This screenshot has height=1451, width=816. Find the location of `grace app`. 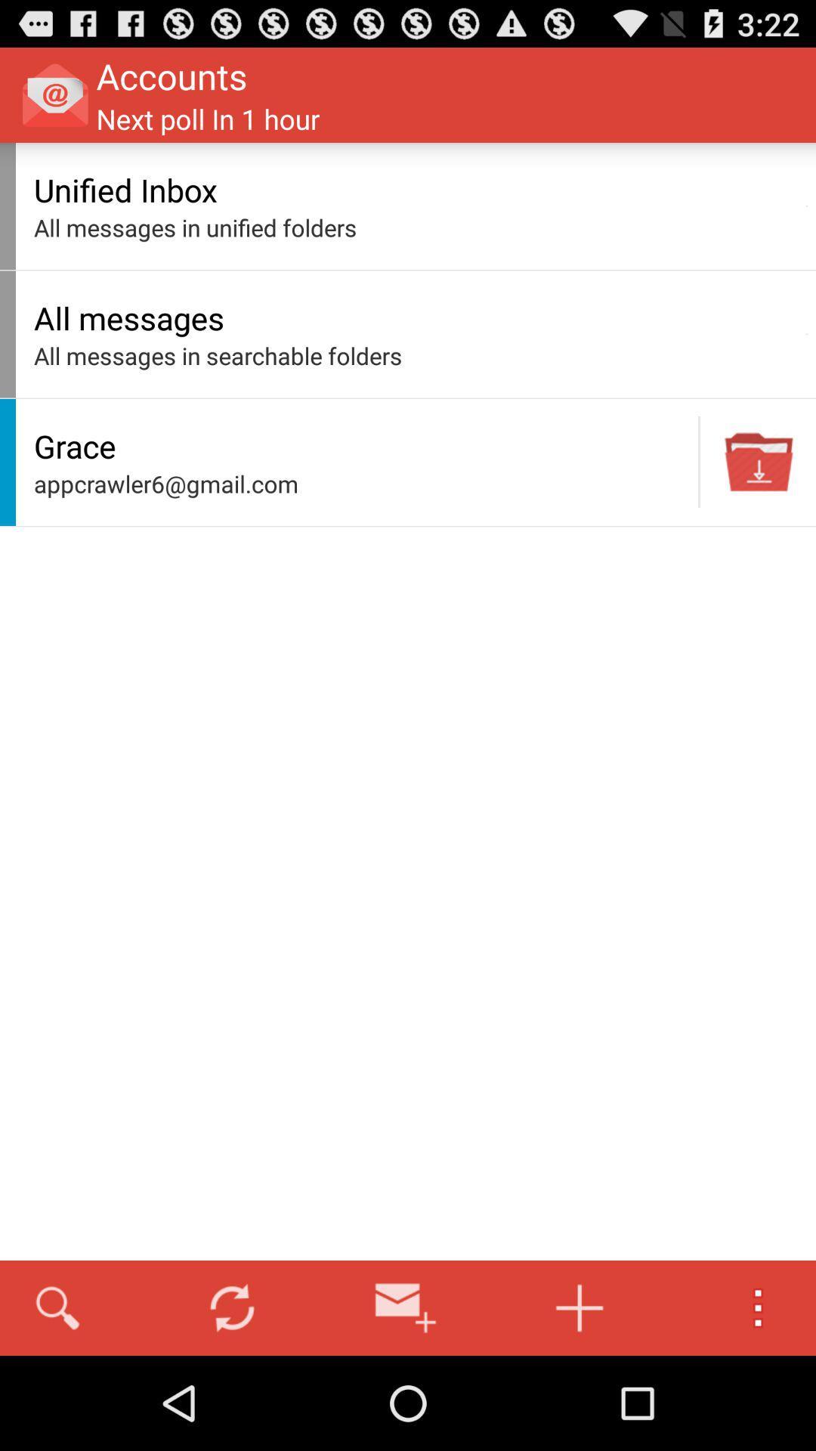

grace app is located at coordinates (362, 445).